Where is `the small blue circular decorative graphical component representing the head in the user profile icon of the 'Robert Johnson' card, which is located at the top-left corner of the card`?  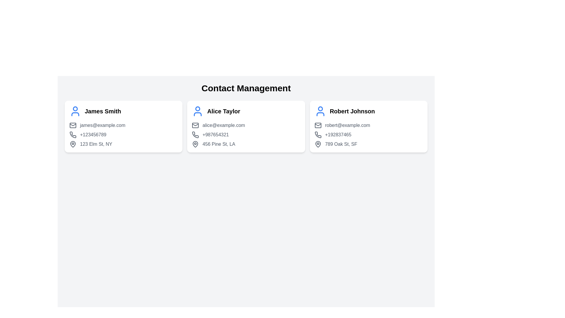
the small blue circular decorative graphical component representing the head in the user profile icon of the 'Robert Johnson' card, which is located at the top-left corner of the card is located at coordinates (320, 109).